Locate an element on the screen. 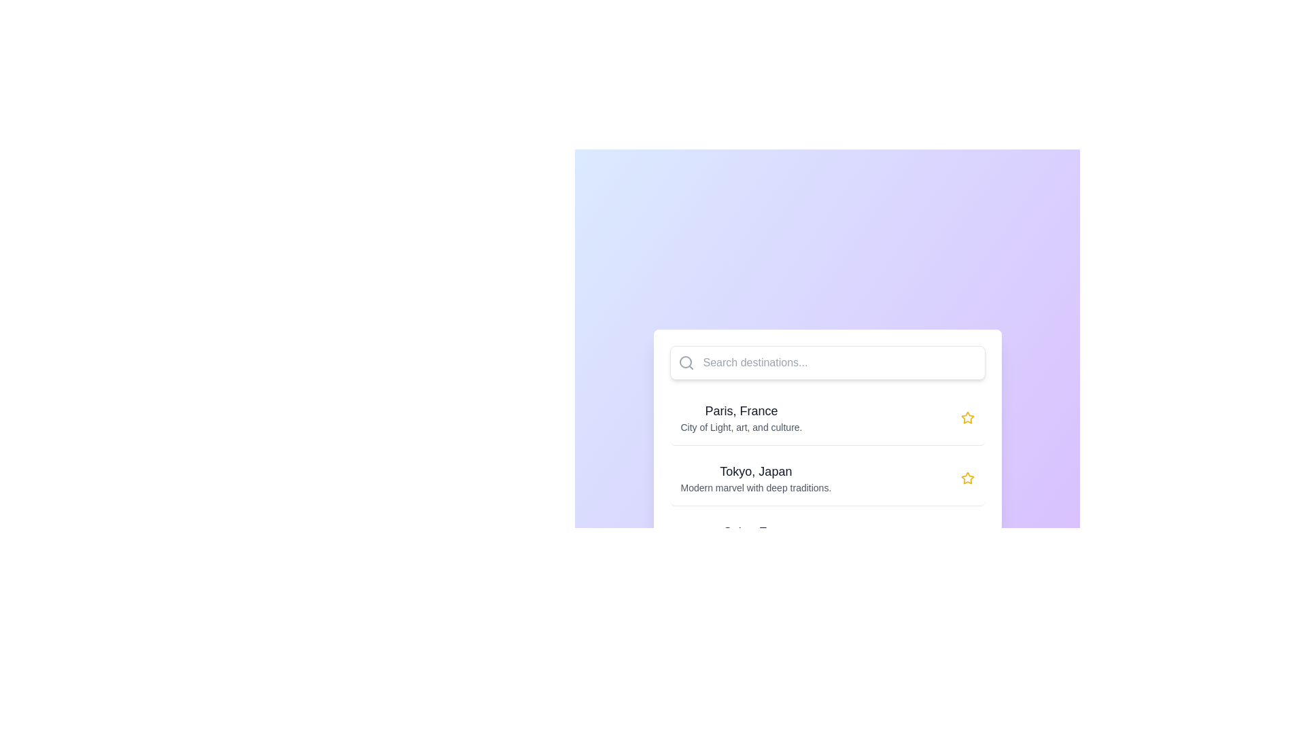 The image size is (1305, 734). the text label displaying 'Tokyo, Japan' is located at coordinates (755, 470).